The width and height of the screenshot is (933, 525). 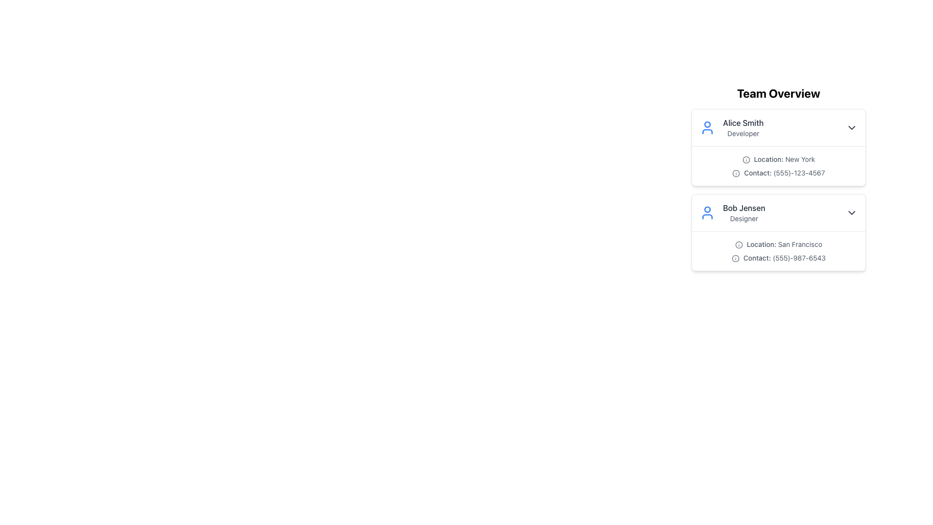 I want to click on the downward-pointing chevron icon button located at the far right of the profile card for 'Alice Smith' to check for any tooltip appearance, so click(x=851, y=127).